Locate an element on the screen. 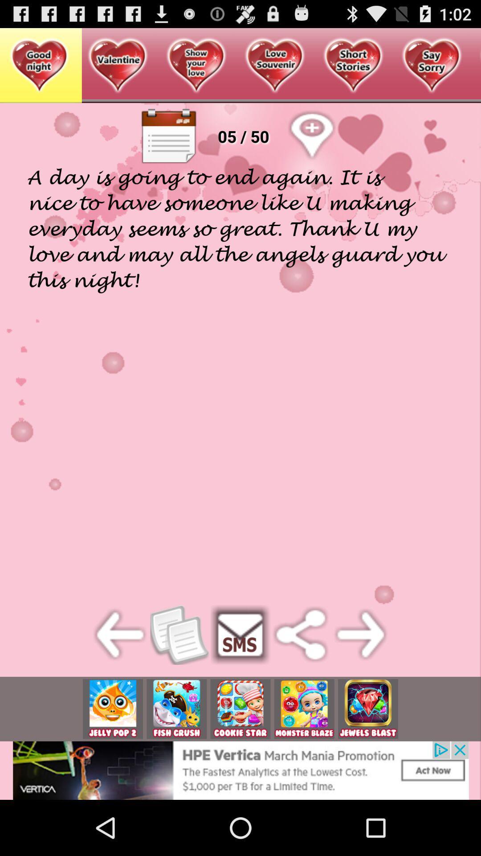 This screenshot has width=481, height=856. the button which is on left side of sms button is located at coordinates (180, 634).